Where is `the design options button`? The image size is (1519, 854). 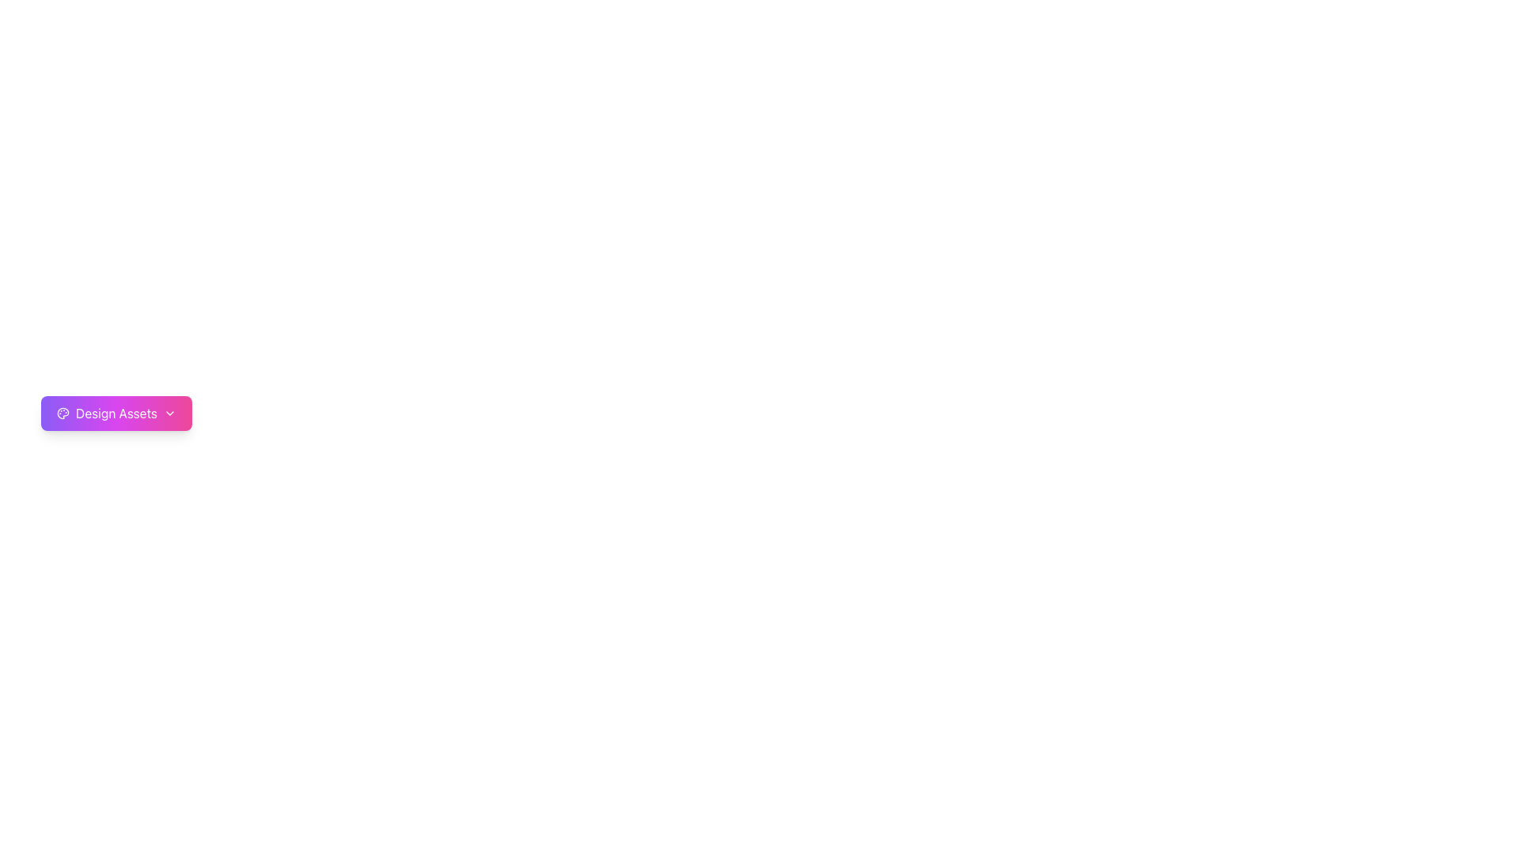
the design options button is located at coordinates (116, 413).